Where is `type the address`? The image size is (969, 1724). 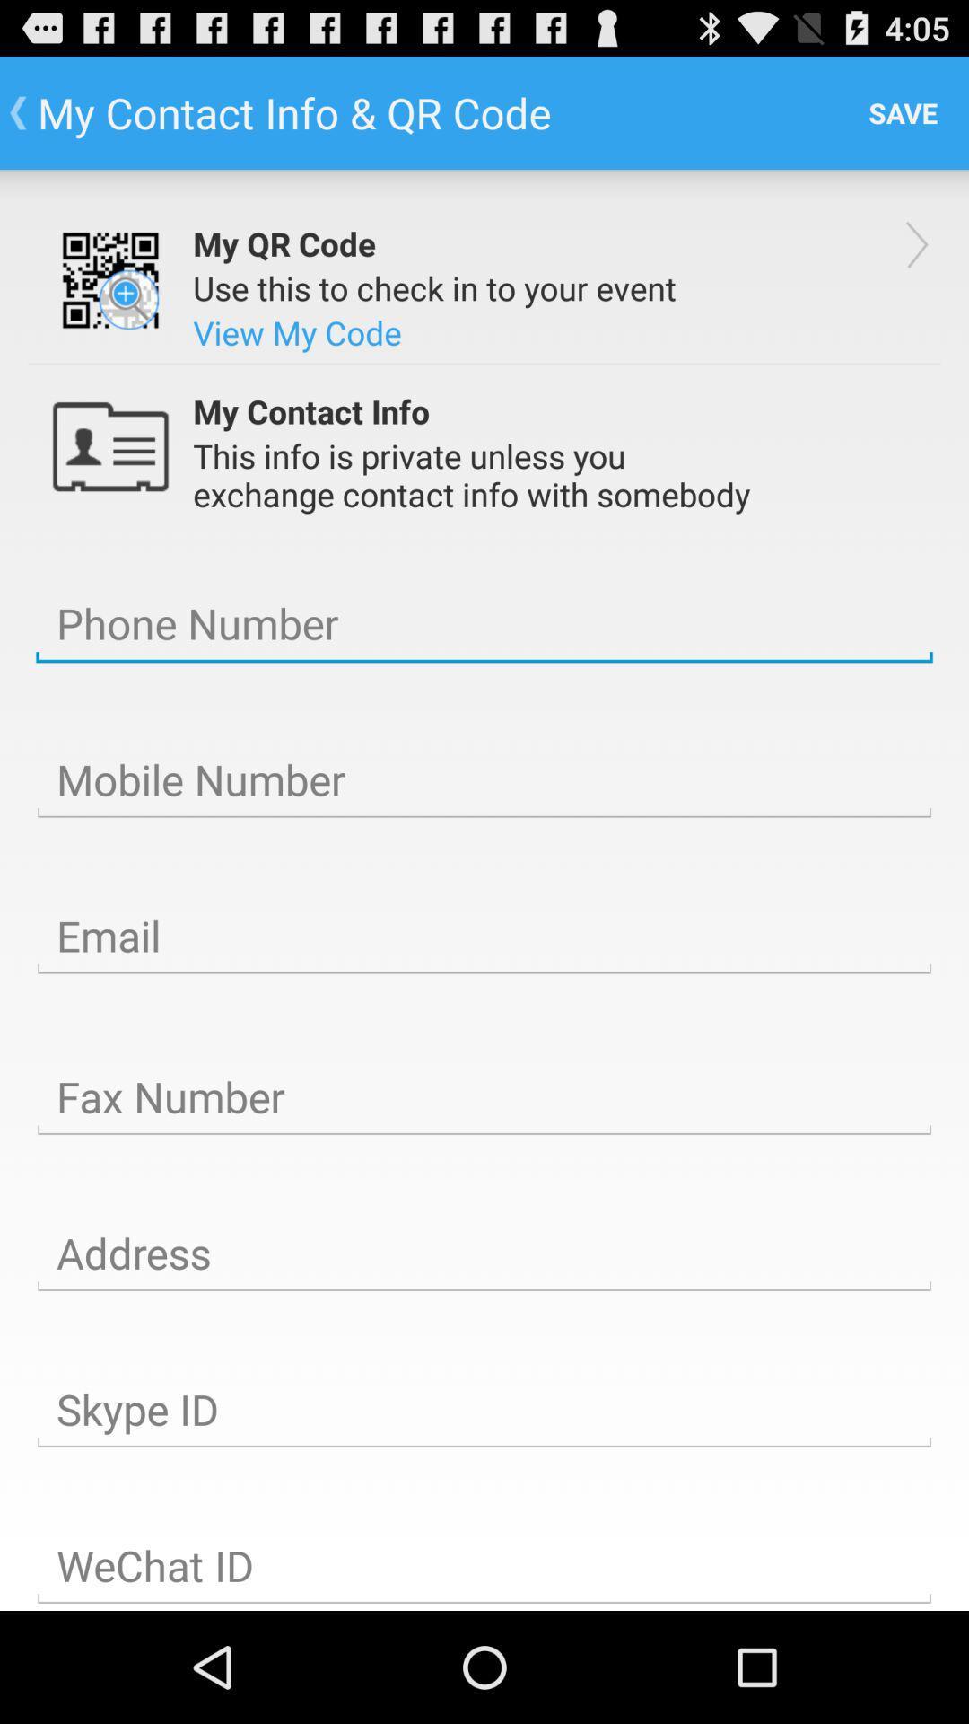
type the address is located at coordinates (484, 1253).